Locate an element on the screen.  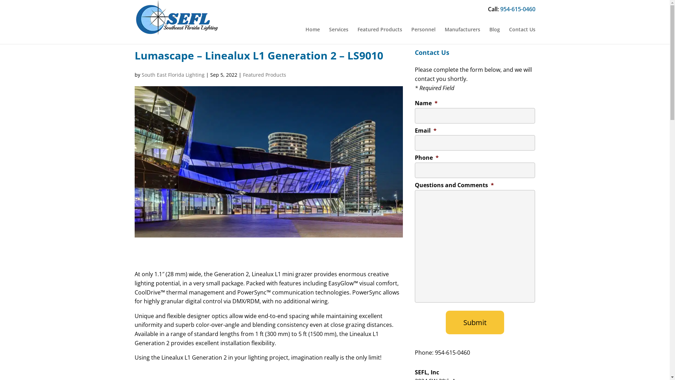
'Manufacturers' is located at coordinates (462, 29).